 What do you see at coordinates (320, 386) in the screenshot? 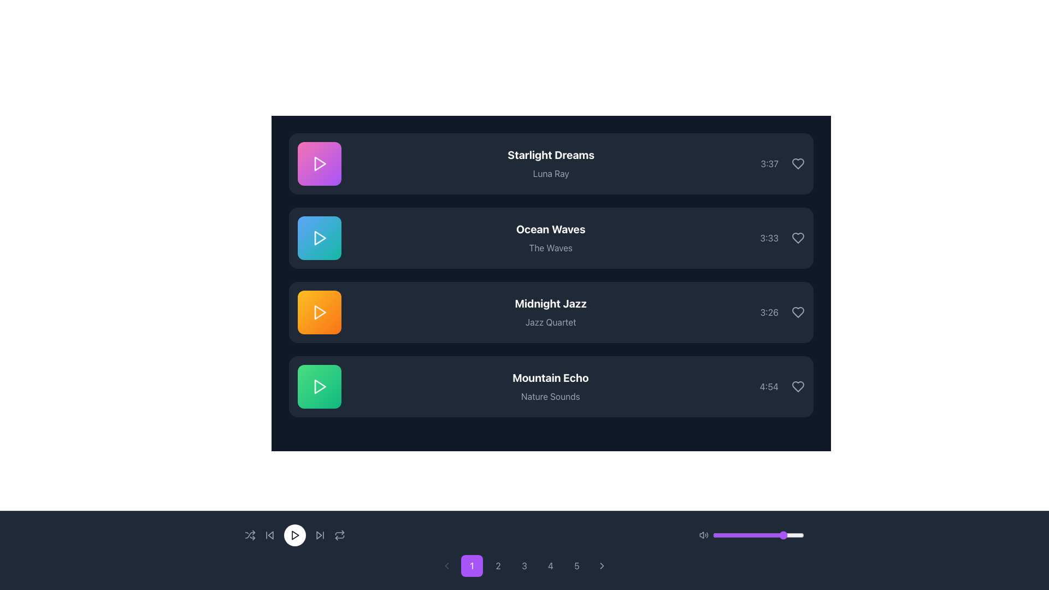
I see `the central play triangle icon contained in the green button for the music entry 'Mountain Echo'` at bounding box center [320, 386].